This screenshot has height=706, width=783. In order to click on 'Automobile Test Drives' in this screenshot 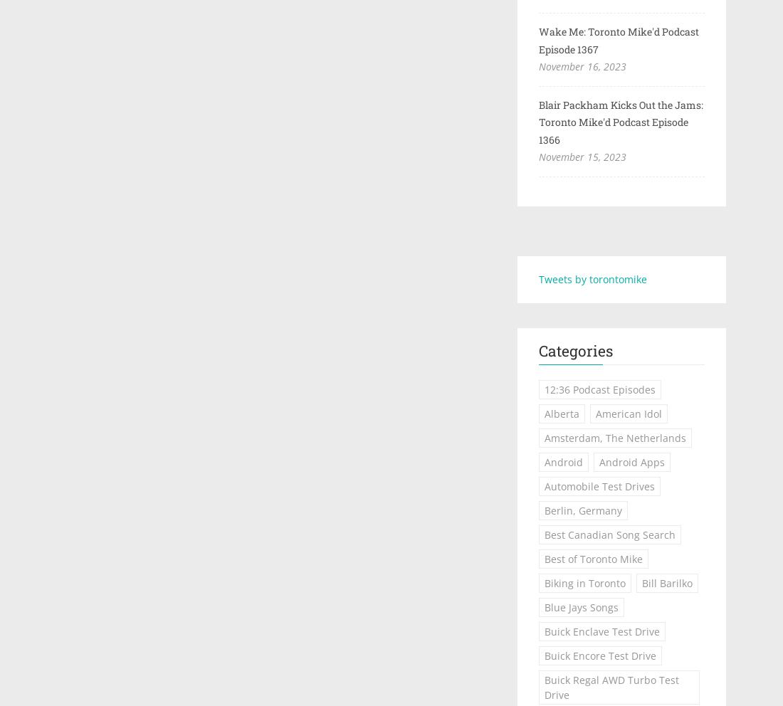, I will do `click(598, 485)`.